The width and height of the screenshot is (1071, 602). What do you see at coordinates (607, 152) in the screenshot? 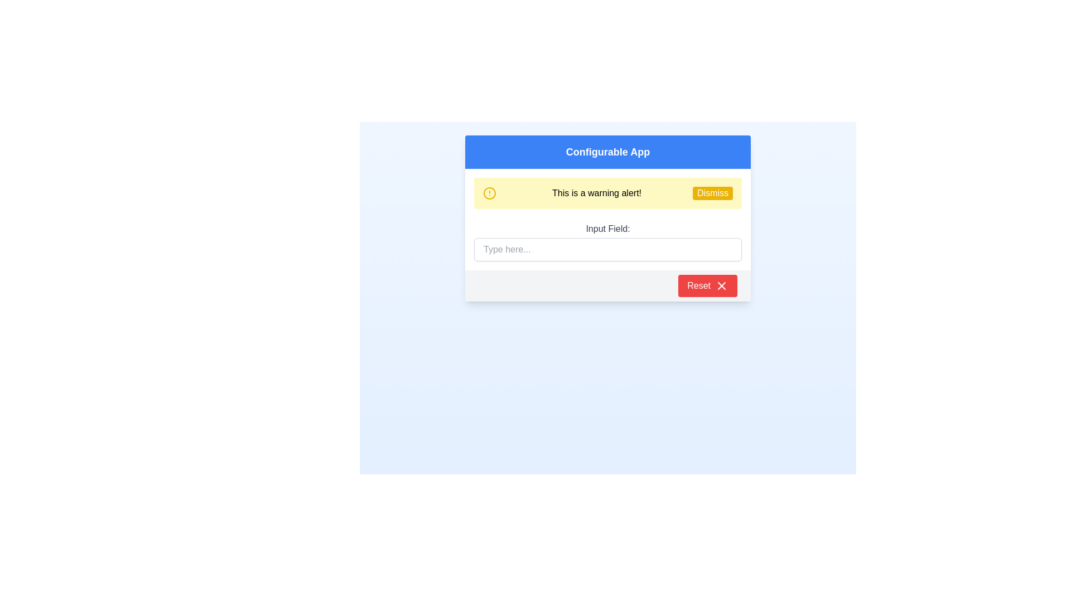
I see `the header titled 'Configurable App', which is a rectangular blue area with white bold text centered inside, located at the top of the white card` at bounding box center [607, 152].